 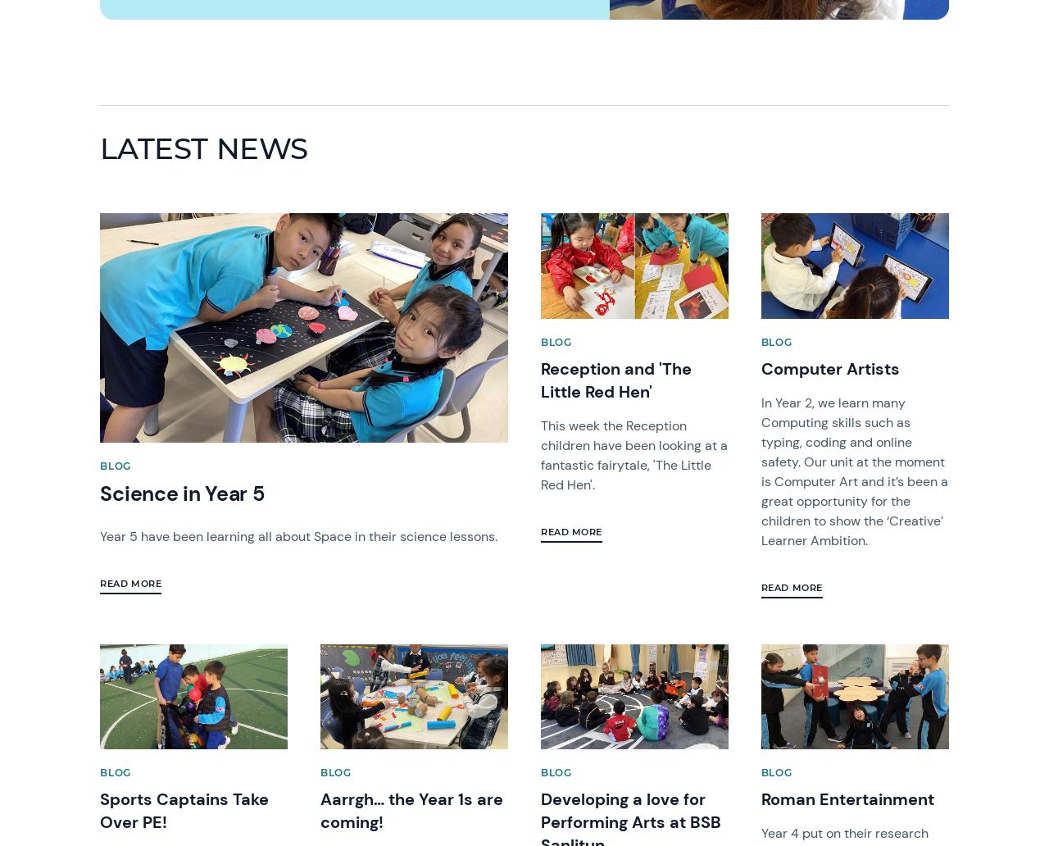 What do you see at coordinates (847, 798) in the screenshot?
I see `'Roman Entertainment'` at bounding box center [847, 798].